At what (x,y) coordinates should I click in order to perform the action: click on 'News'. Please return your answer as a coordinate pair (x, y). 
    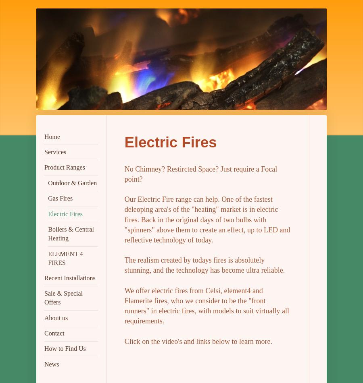
    Looking at the image, I should click on (51, 363).